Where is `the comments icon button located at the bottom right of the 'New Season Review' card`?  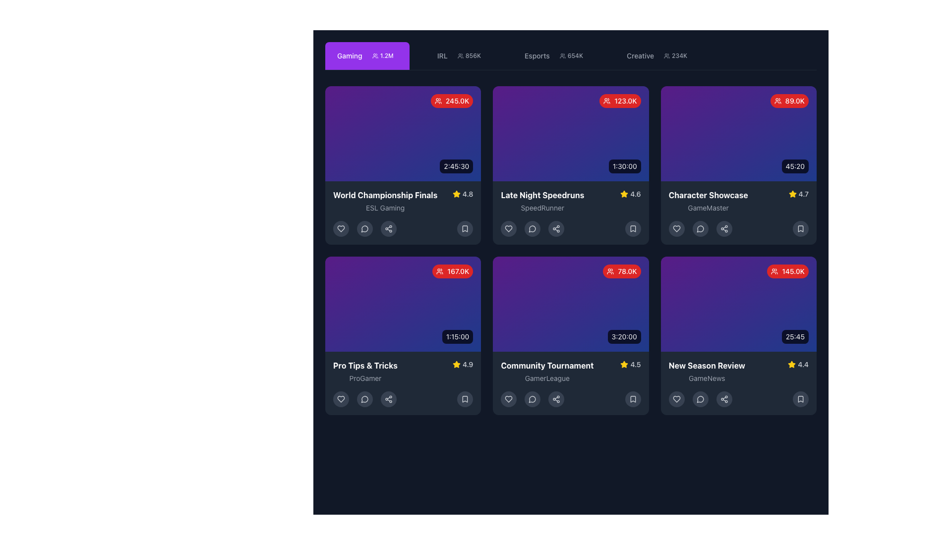
the comments icon button located at the bottom right of the 'New Season Review' card is located at coordinates (700, 399).